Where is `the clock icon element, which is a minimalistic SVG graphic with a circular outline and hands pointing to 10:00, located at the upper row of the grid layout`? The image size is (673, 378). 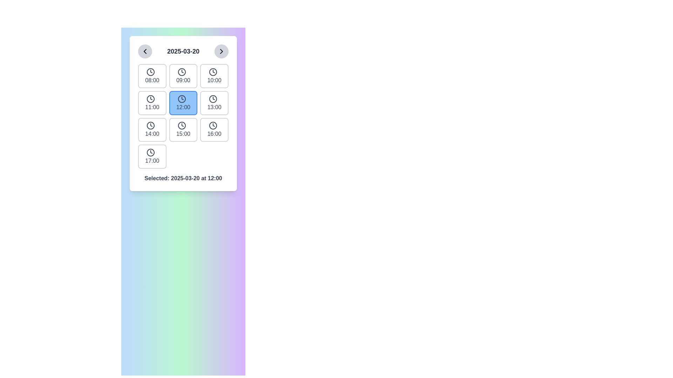 the clock icon element, which is a minimalistic SVG graphic with a circular outline and hands pointing to 10:00, located at the upper row of the grid layout is located at coordinates (212, 72).